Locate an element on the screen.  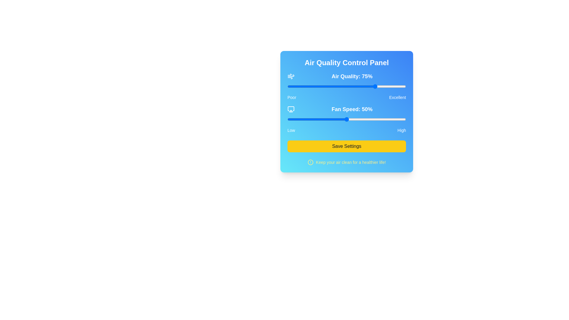
the Label displaying the word 'Low' in white text on a blue background, located at the left edge of the 'Low-High' section is located at coordinates (291, 130).